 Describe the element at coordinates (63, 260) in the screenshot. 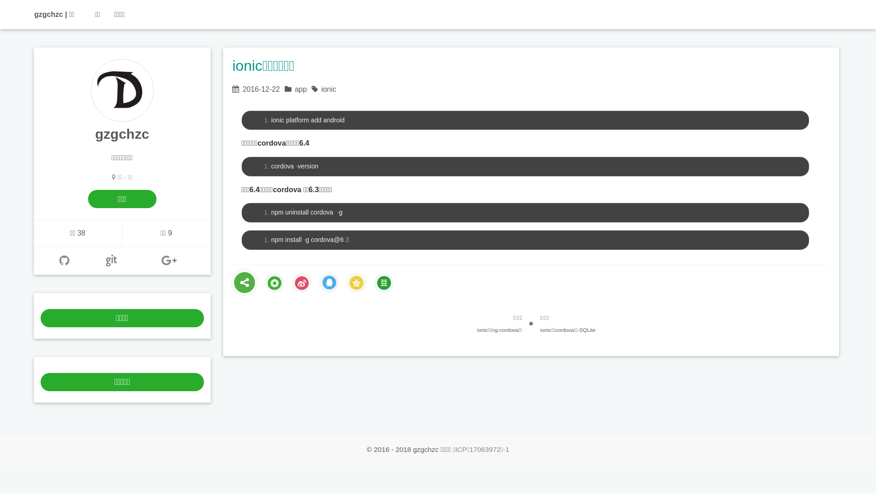

I see `'github'` at that location.